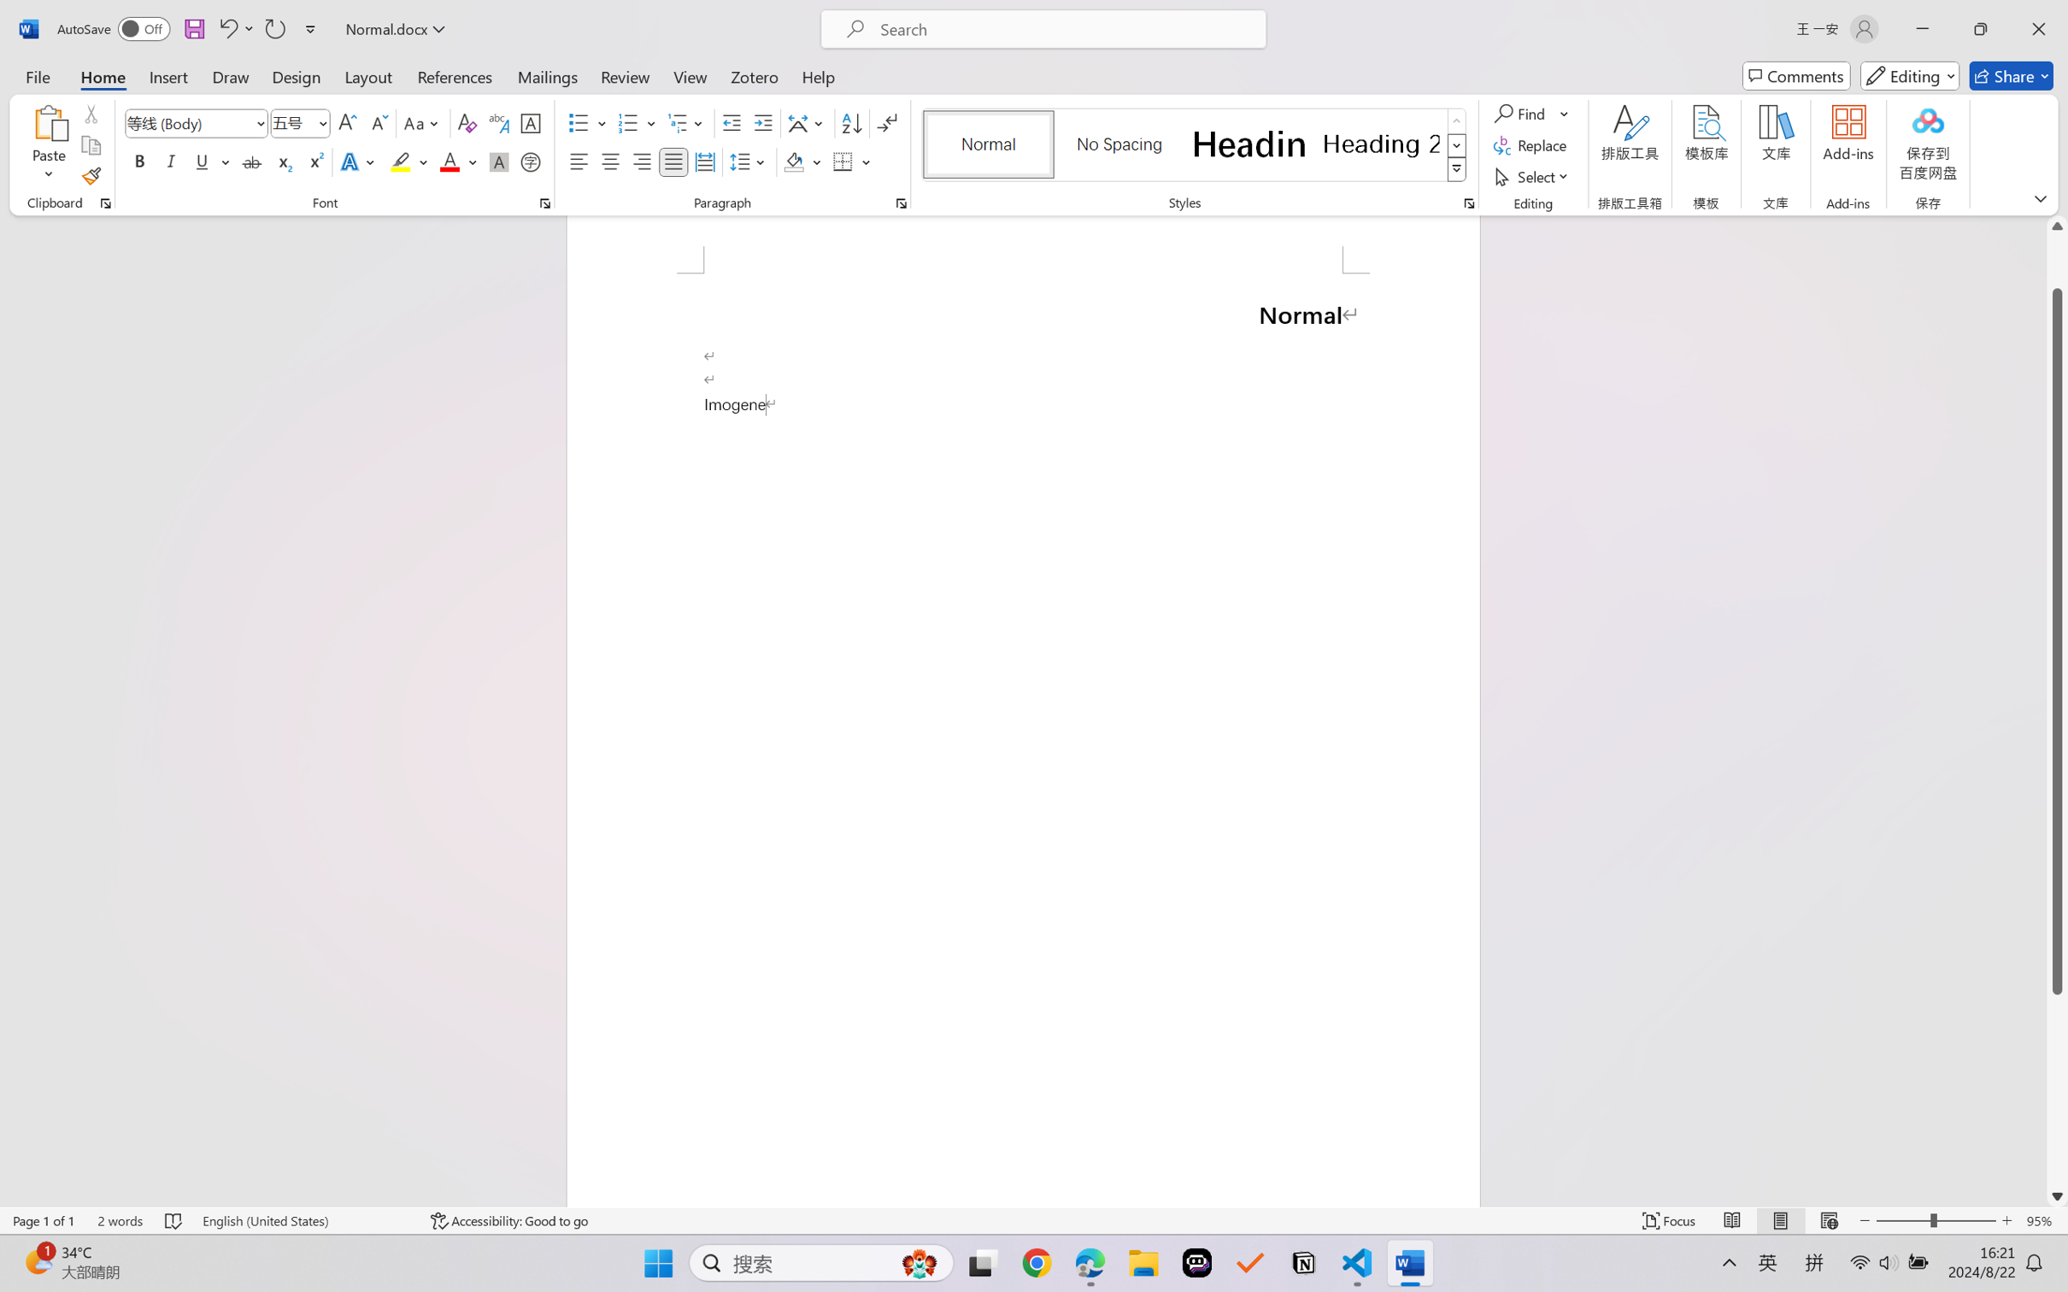  What do you see at coordinates (1248, 144) in the screenshot?
I see `'Heading 1'` at bounding box center [1248, 144].